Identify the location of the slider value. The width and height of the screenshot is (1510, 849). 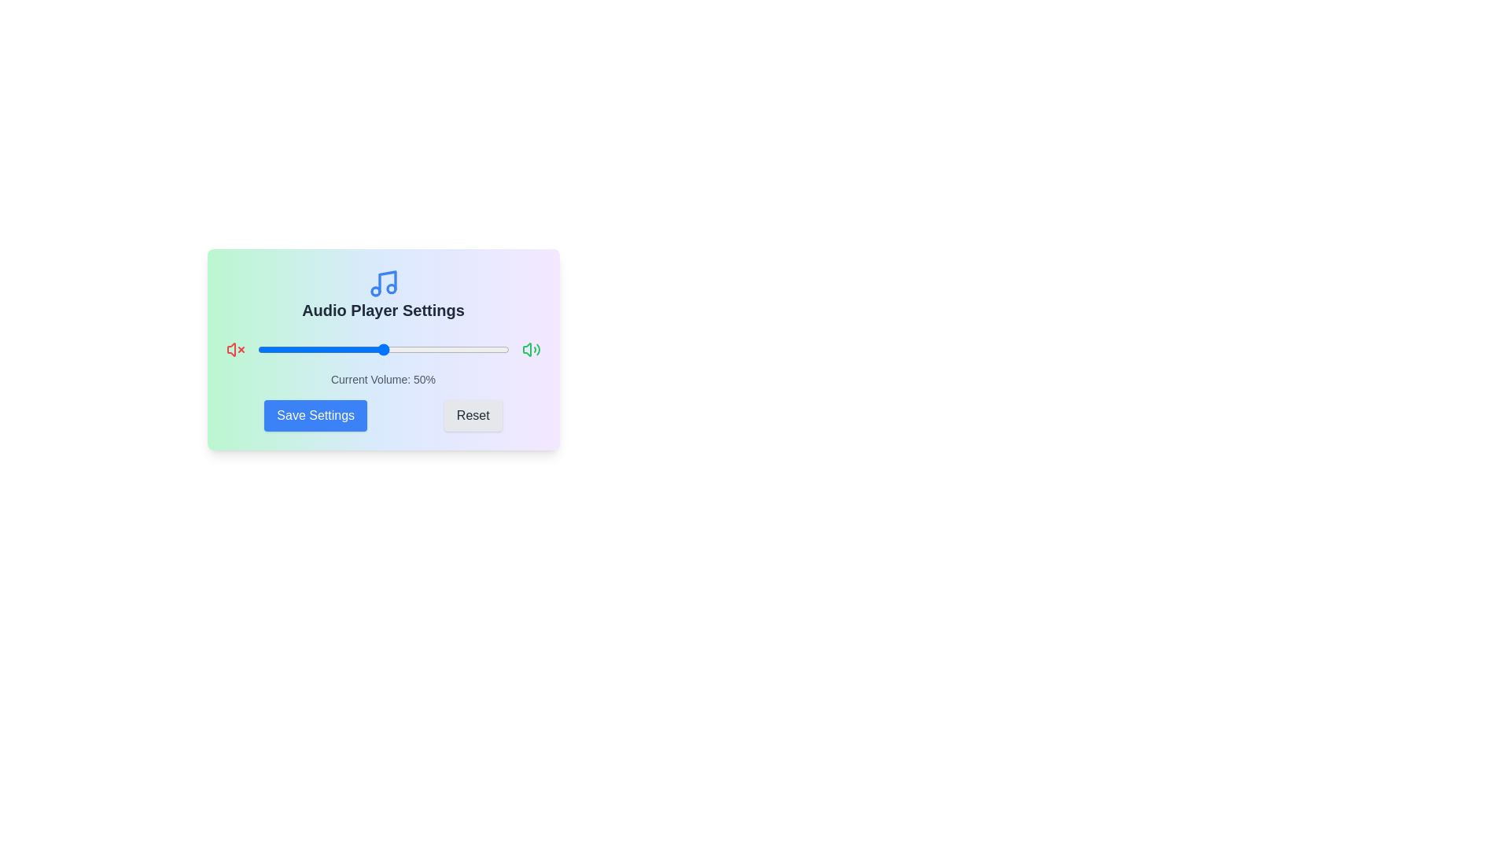
(365, 348).